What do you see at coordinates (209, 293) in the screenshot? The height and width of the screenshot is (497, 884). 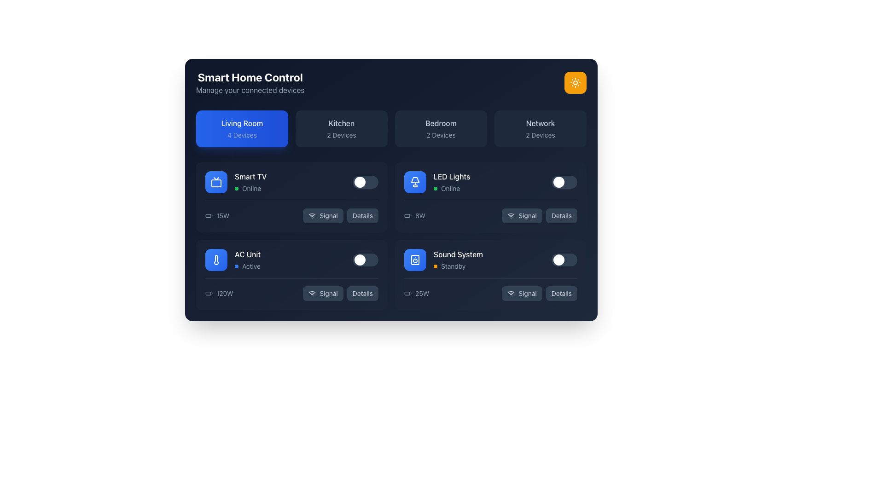 I see `the battery icon, which is a minimalist outline style rectangular shape with rounded edges, positioned to the left of the '120W' text` at bounding box center [209, 293].